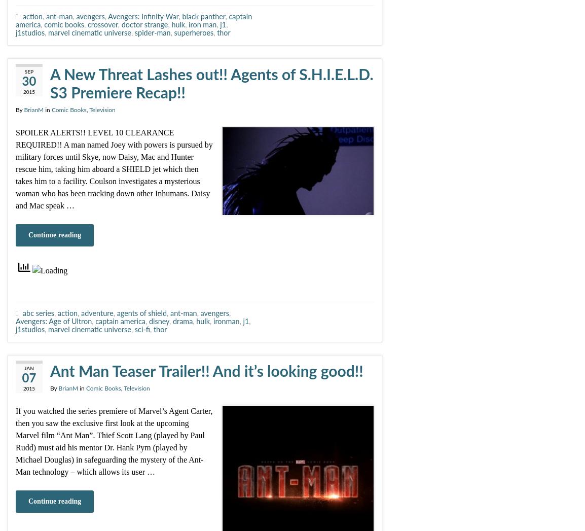 The width and height of the screenshot is (585, 531). What do you see at coordinates (114, 441) in the screenshot?
I see `'If you watched the series premiere of Marvel’s Agent Carter, then you saw the exclusive first look at the upcoming Marvel film “Ant Man”. Thief Scott Lang (played by Paul Rudd) must aid his mentor Dr. Hank Pym (played by Michael Douglas) in safeguarding the mystery of the Ant-Man technology – which allows its user …'` at bounding box center [114, 441].